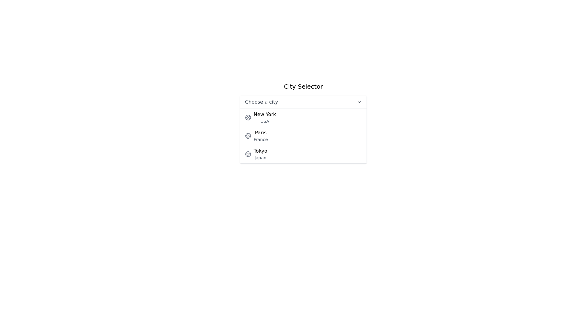  I want to click on the dropdown list item displaying 'Tokyo Japan', which is the third option under 'Choose a city', so click(303, 154).